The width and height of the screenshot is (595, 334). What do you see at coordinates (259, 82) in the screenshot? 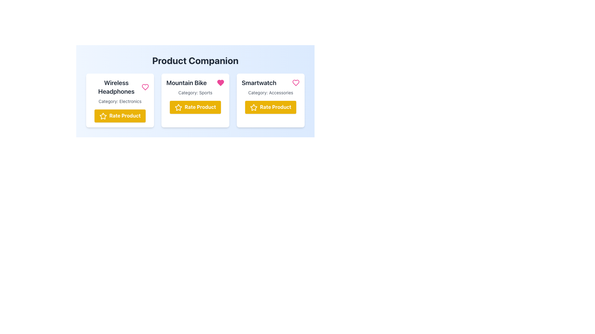
I see `text label that serves as the title for the product in the top section of the rightmost card in a horizontally aligned list` at bounding box center [259, 82].